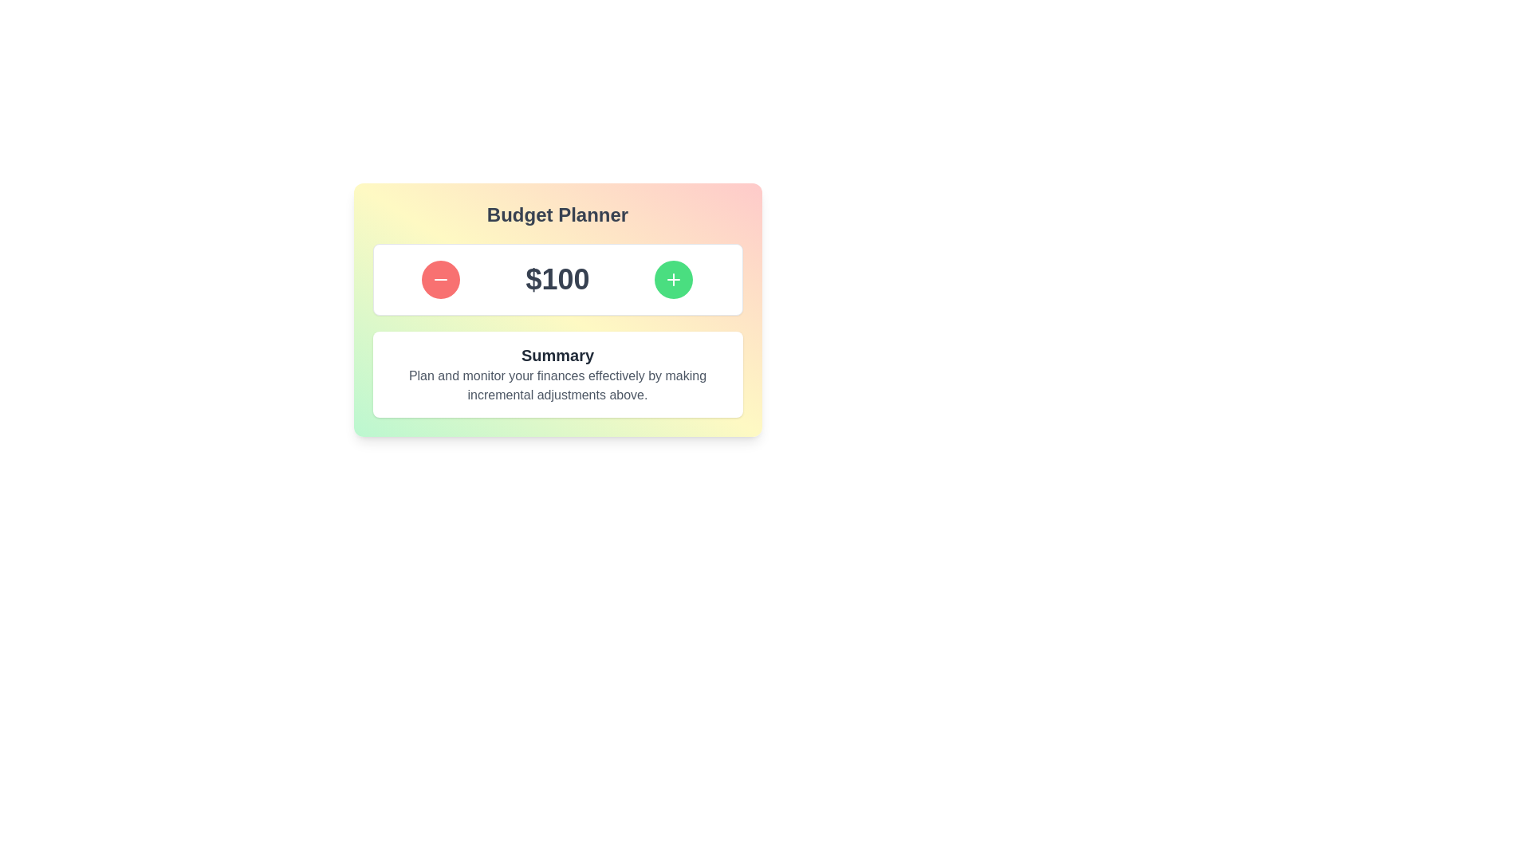 This screenshot has width=1531, height=861. What do you see at coordinates (674, 279) in the screenshot?
I see `the increment button located in the top right corner of its grouping` at bounding box center [674, 279].